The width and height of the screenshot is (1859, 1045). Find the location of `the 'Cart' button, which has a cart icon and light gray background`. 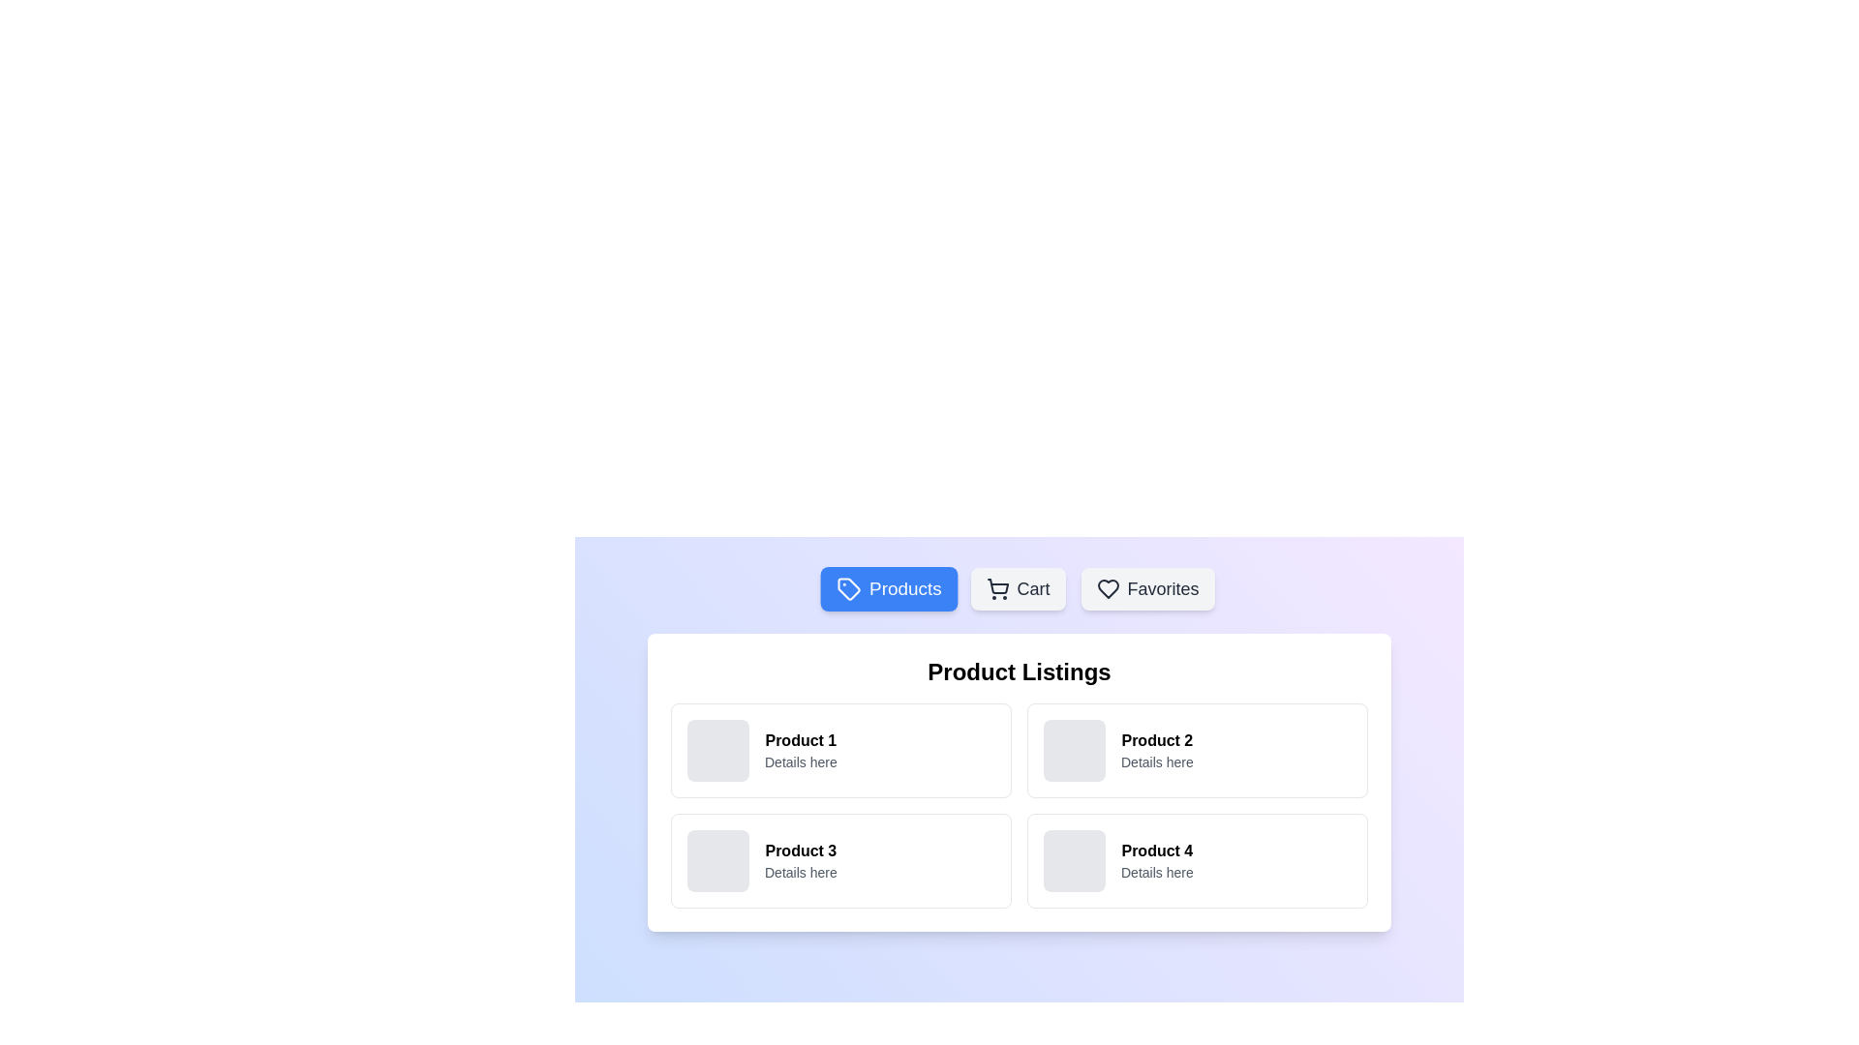

the 'Cart' button, which has a cart icon and light gray background is located at coordinates (1017, 588).